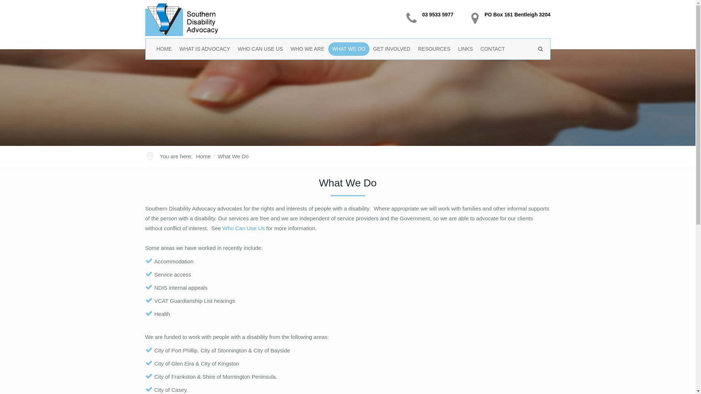 The width and height of the screenshot is (701, 394). What do you see at coordinates (203, 156) in the screenshot?
I see `'Home'` at bounding box center [203, 156].